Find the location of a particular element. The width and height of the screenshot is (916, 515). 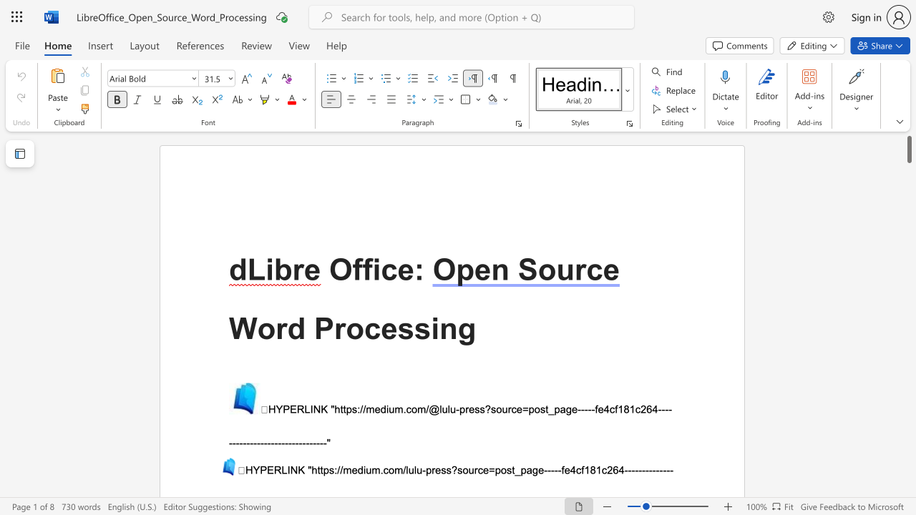

the page's right scrollbar for downward movement is located at coordinates (908, 322).